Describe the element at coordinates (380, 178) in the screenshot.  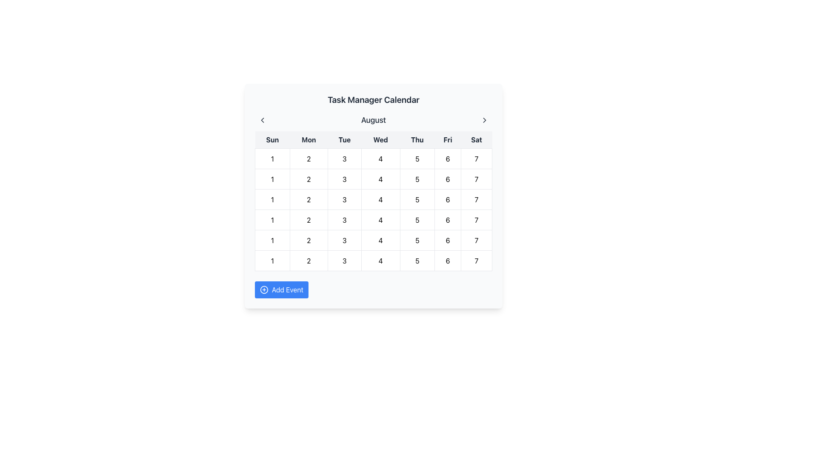
I see `the text label representing the day '4' in the calendar view located under 'Wed' in August` at that location.